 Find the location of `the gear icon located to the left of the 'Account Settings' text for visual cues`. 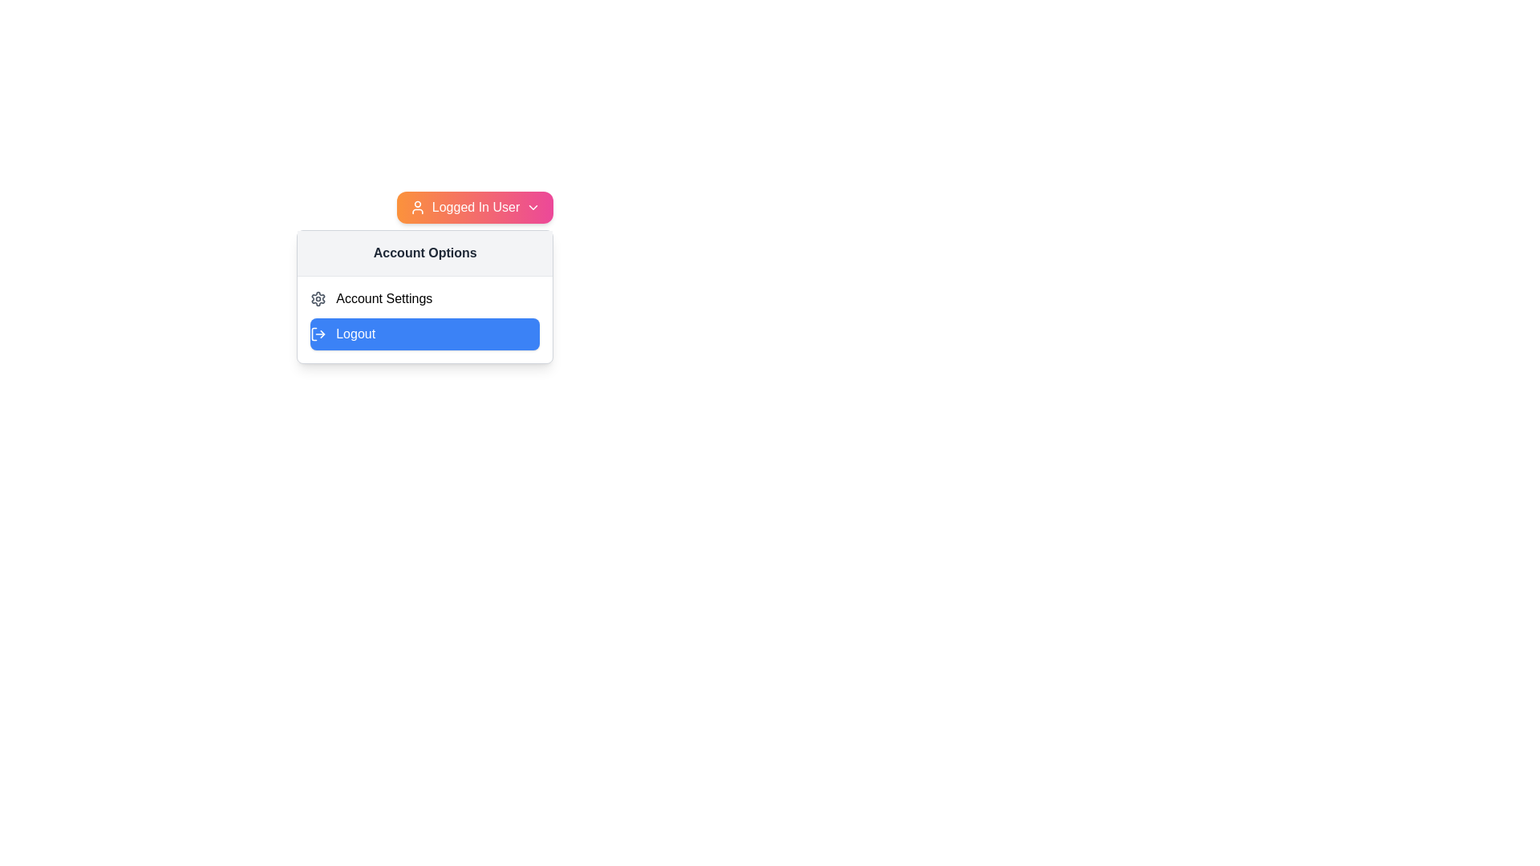

the gear icon located to the left of the 'Account Settings' text for visual cues is located at coordinates (318, 299).